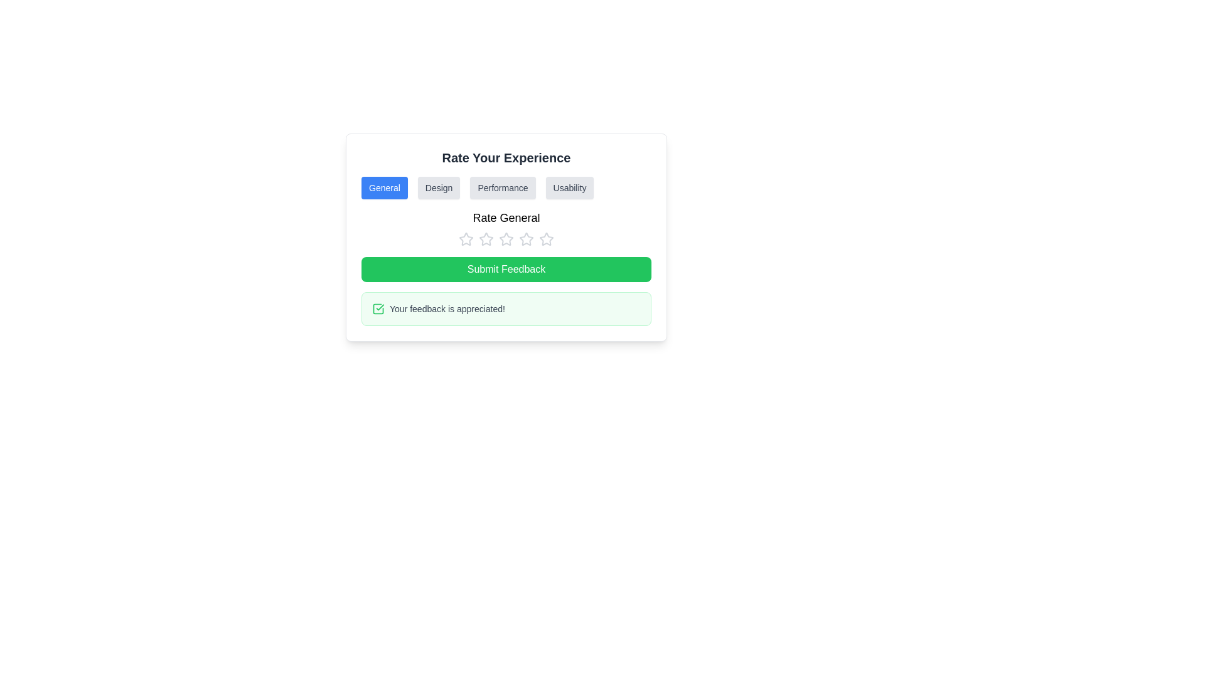  I want to click on the submit button located at the lower part of the card layout, directly below the star rating section, so click(506, 268).